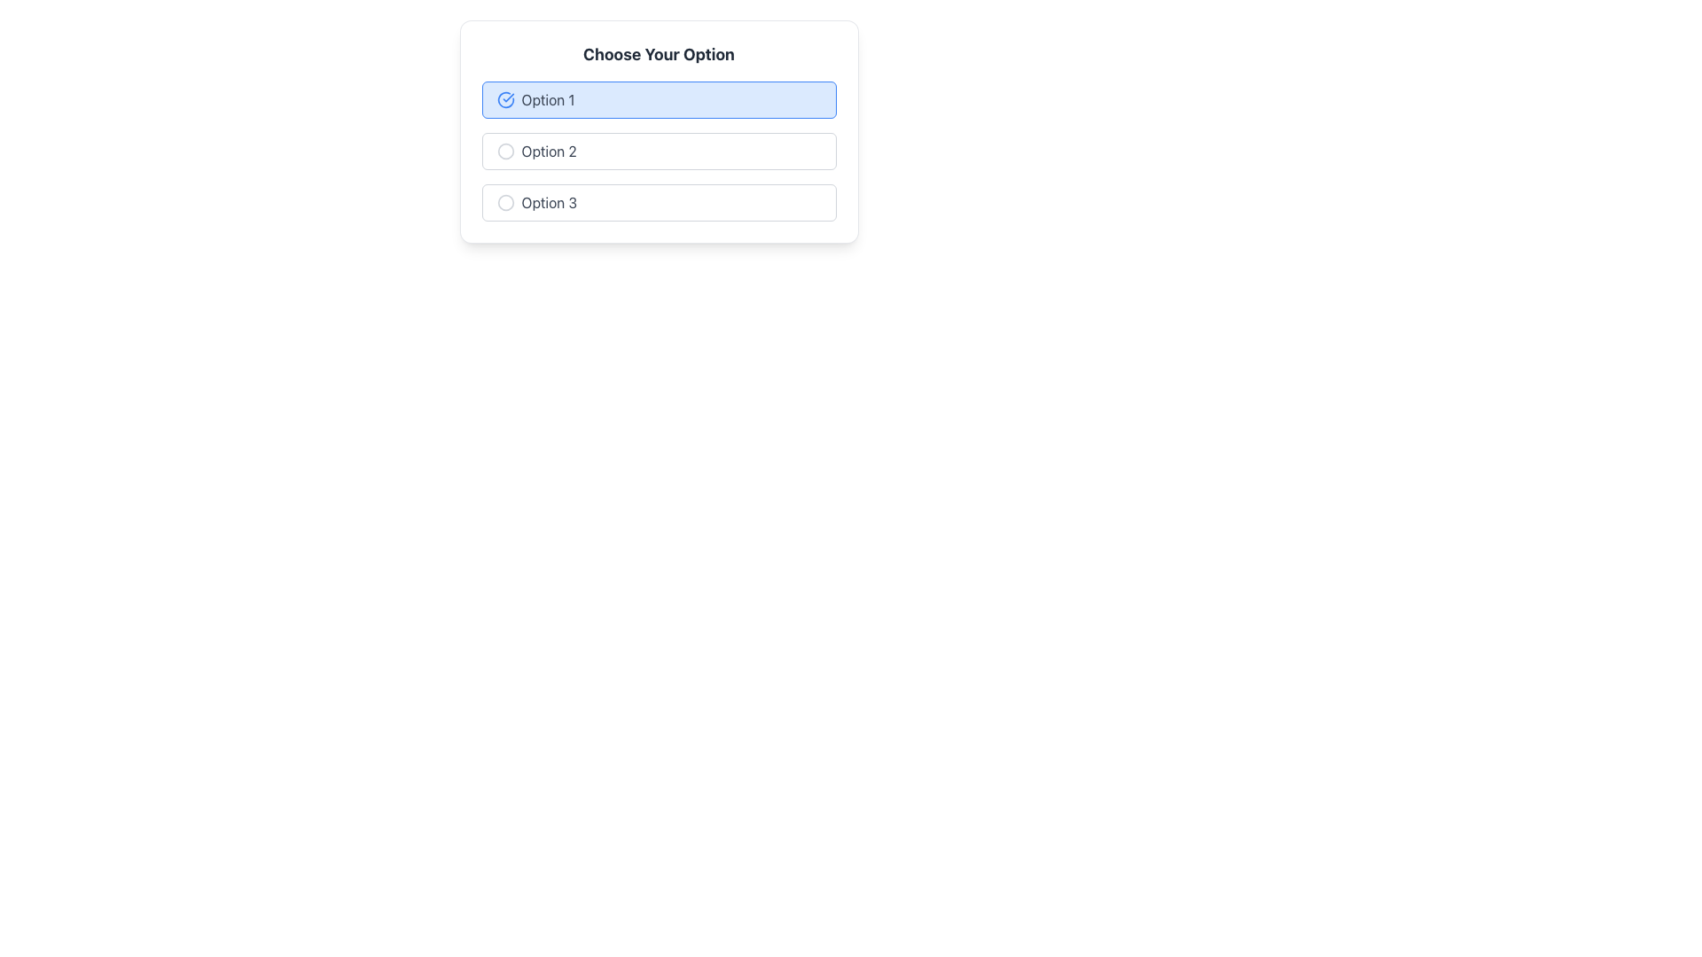  What do you see at coordinates (547, 99) in the screenshot?
I see `the static label displaying 'Option 1', which is located in the first option row of a selectable list in the blue-highlighted area` at bounding box center [547, 99].